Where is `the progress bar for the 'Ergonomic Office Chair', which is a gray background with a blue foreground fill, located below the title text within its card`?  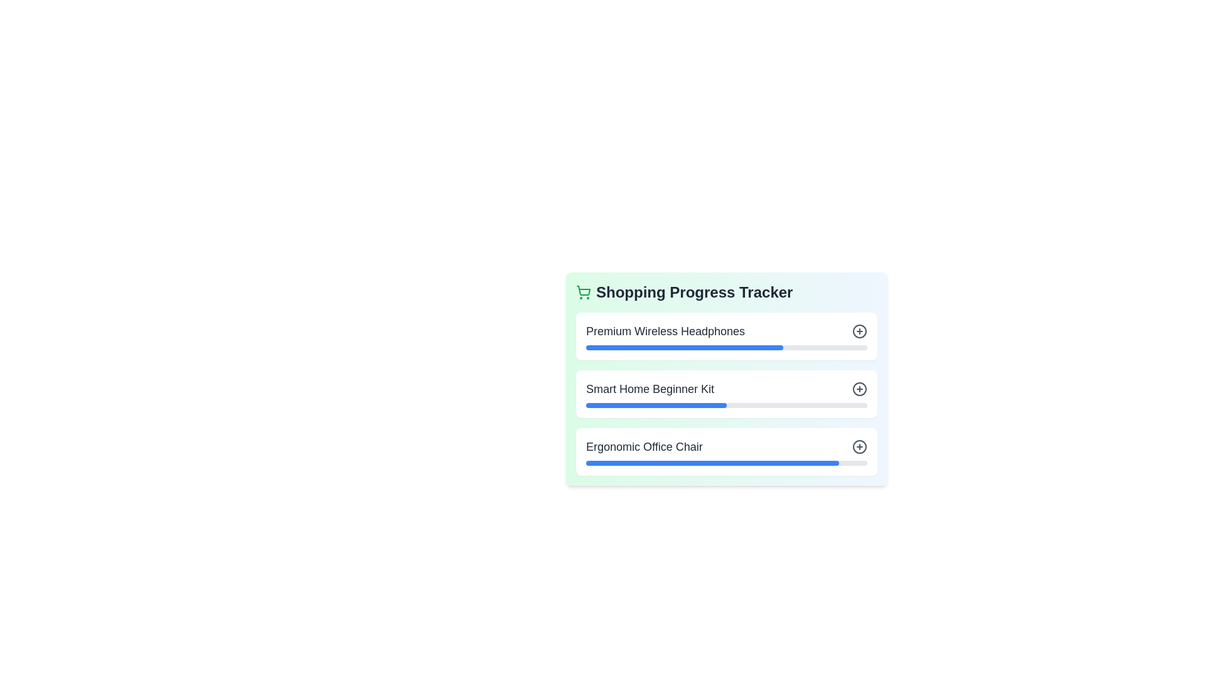
the progress bar for the 'Ergonomic Office Chair', which is a gray background with a blue foreground fill, located below the title text within its card is located at coordinates (726, 463).